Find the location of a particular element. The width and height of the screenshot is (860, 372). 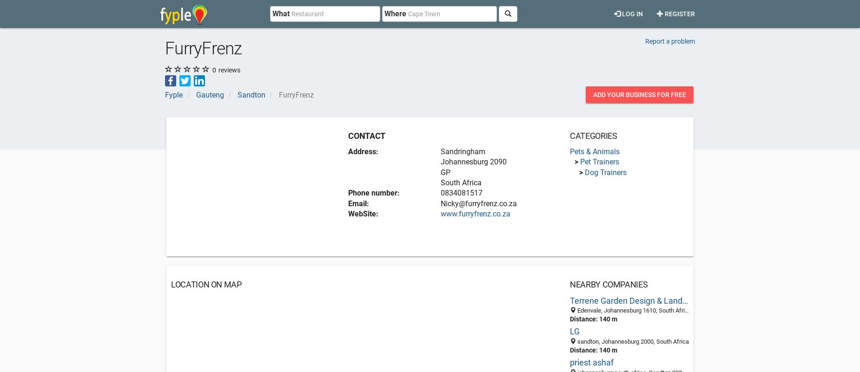

'Terrene Garden Design & Landscaping' is located at coordinates (639, 300).